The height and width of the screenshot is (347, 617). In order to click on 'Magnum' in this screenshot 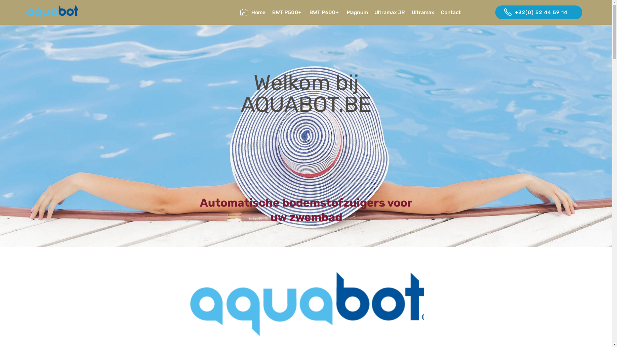, I will do `click(357, 12)`.